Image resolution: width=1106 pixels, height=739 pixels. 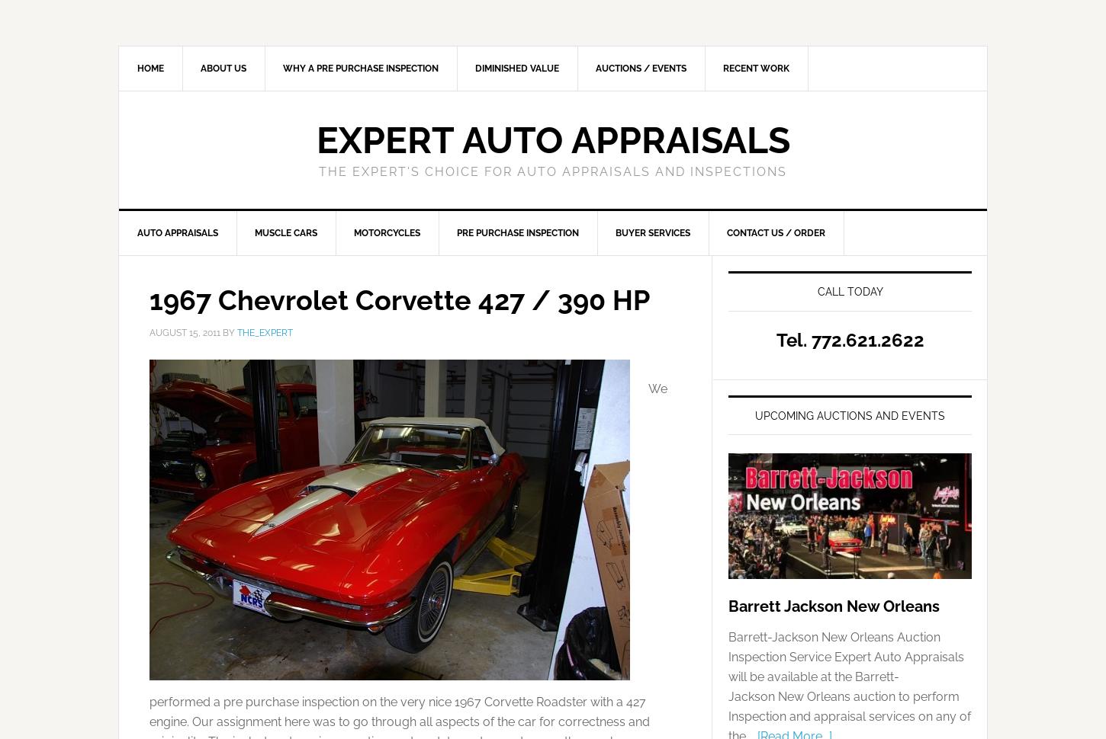 What do you see at coordinates (722, 68) in the screenshot?
I see `'Recent Work'` at bounding box center [722, 68].